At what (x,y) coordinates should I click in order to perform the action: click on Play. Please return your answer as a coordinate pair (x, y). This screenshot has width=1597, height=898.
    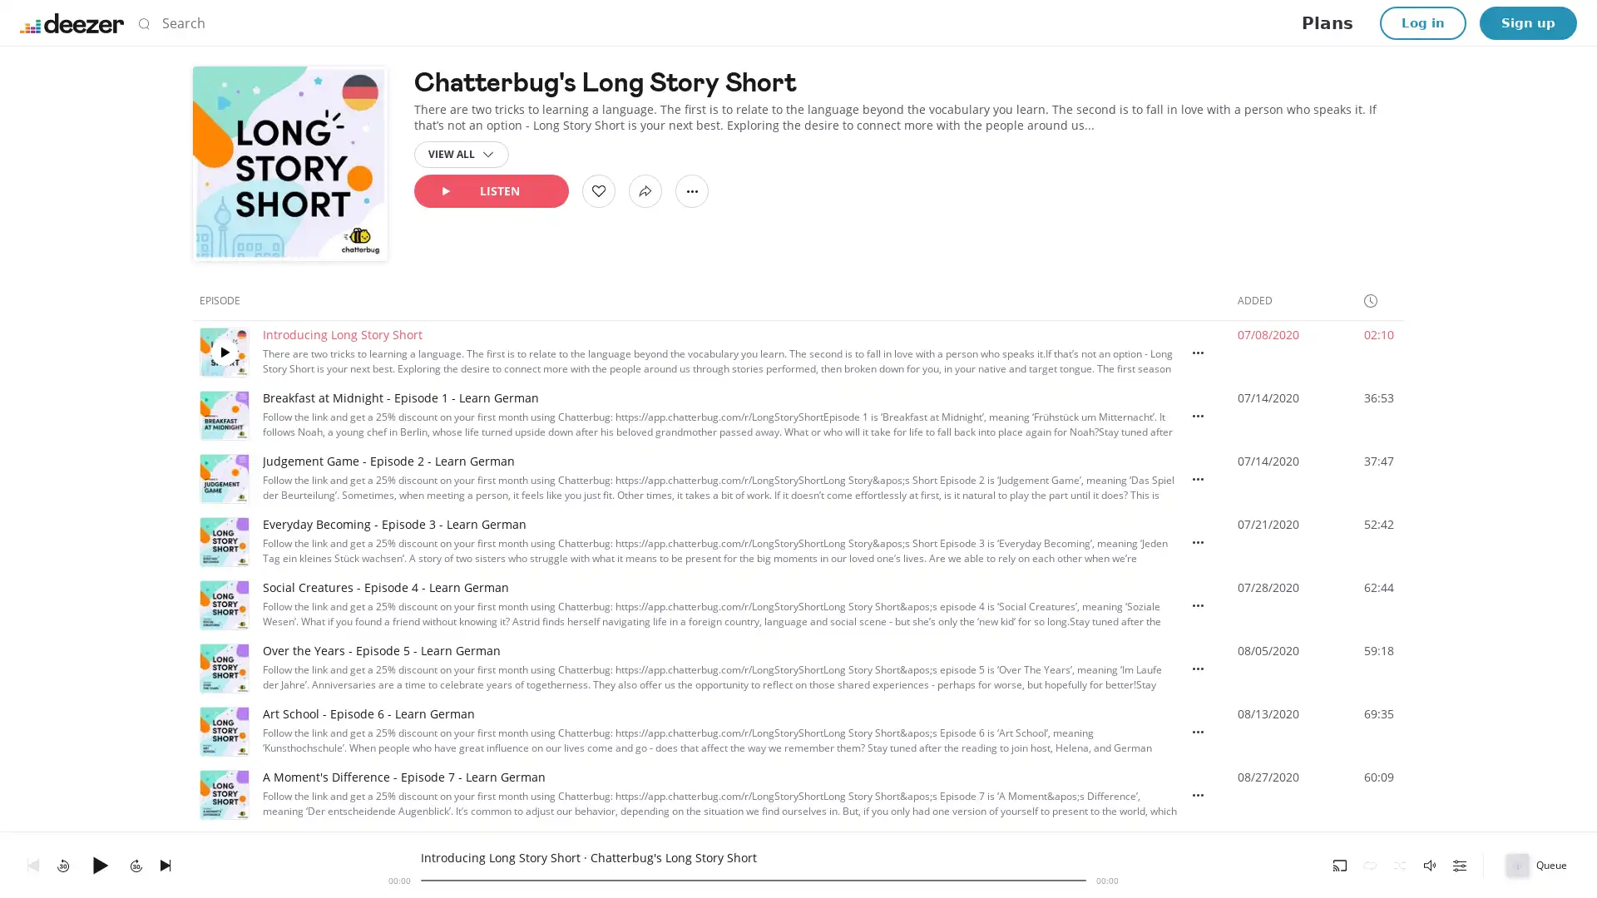
    Looking at the image, I should click on (99, 864).